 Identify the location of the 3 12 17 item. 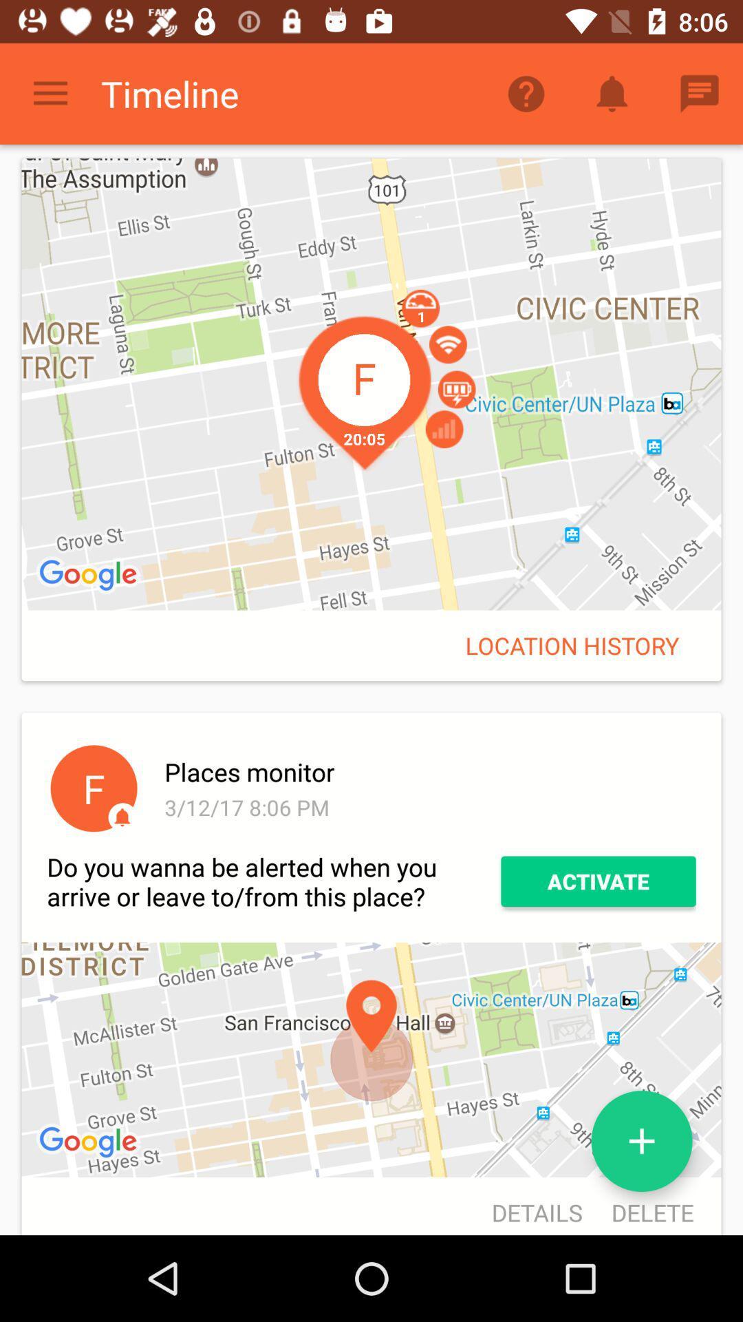
(427, 807).